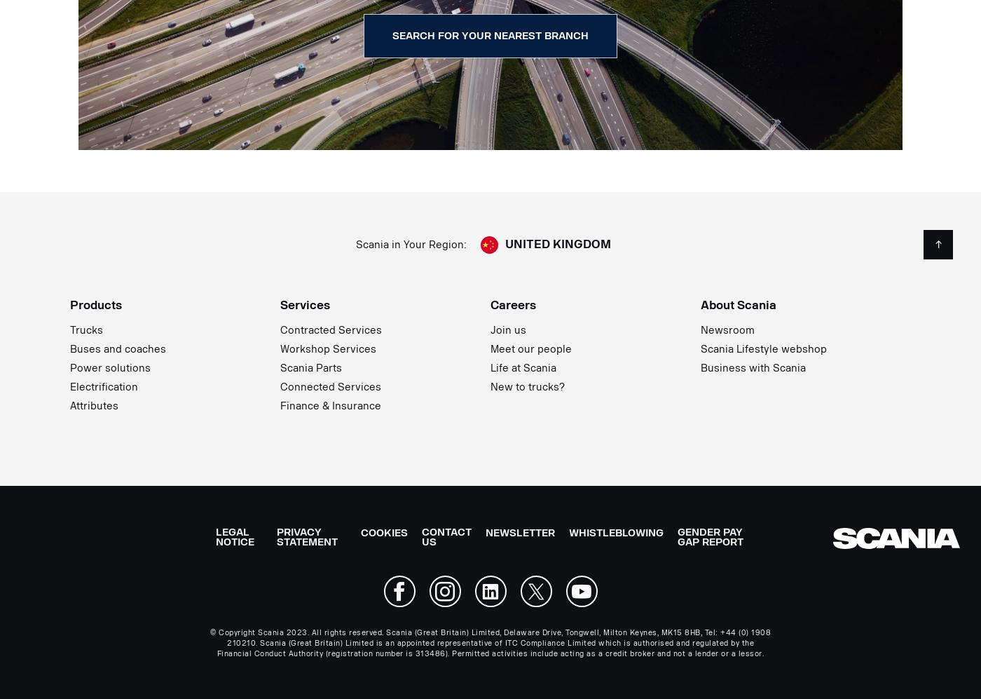 Image resolution: width=981 pixels, height=699 pixels. Describe the element at coordinates (279, 387) in the screenshot. I see `'Connected Services'` at that location.